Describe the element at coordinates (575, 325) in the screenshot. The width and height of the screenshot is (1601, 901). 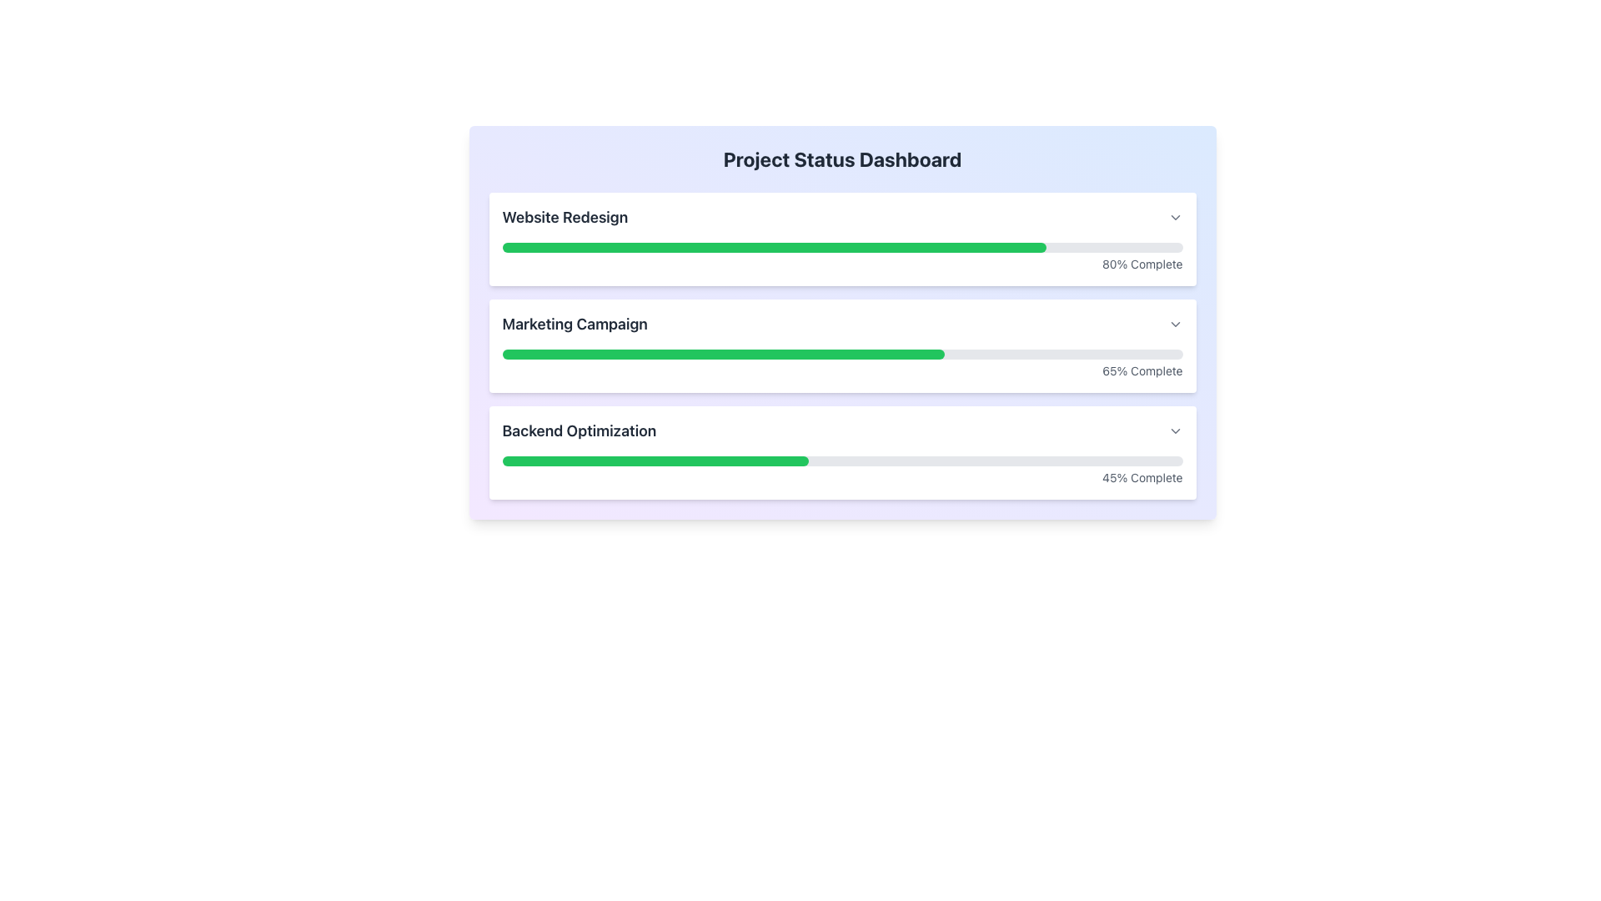
I see `text 'Marketing Campaign' which is styled in bold and slightly larger than surrounding elements, located centrally in the second section of the list` at that location.